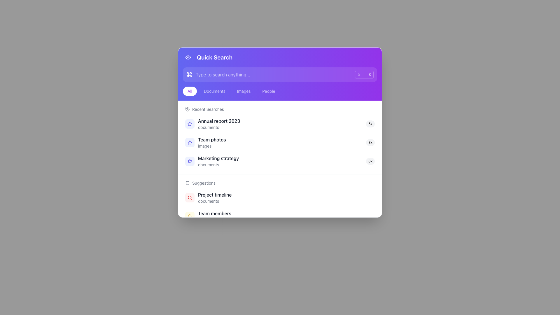 The width and height of the screenshot is (560, 315). I want to click on the 'Recent Searches' label which is located in the top-left section of the content panel, serving as a heading for recently searched items, so click(208, 109).